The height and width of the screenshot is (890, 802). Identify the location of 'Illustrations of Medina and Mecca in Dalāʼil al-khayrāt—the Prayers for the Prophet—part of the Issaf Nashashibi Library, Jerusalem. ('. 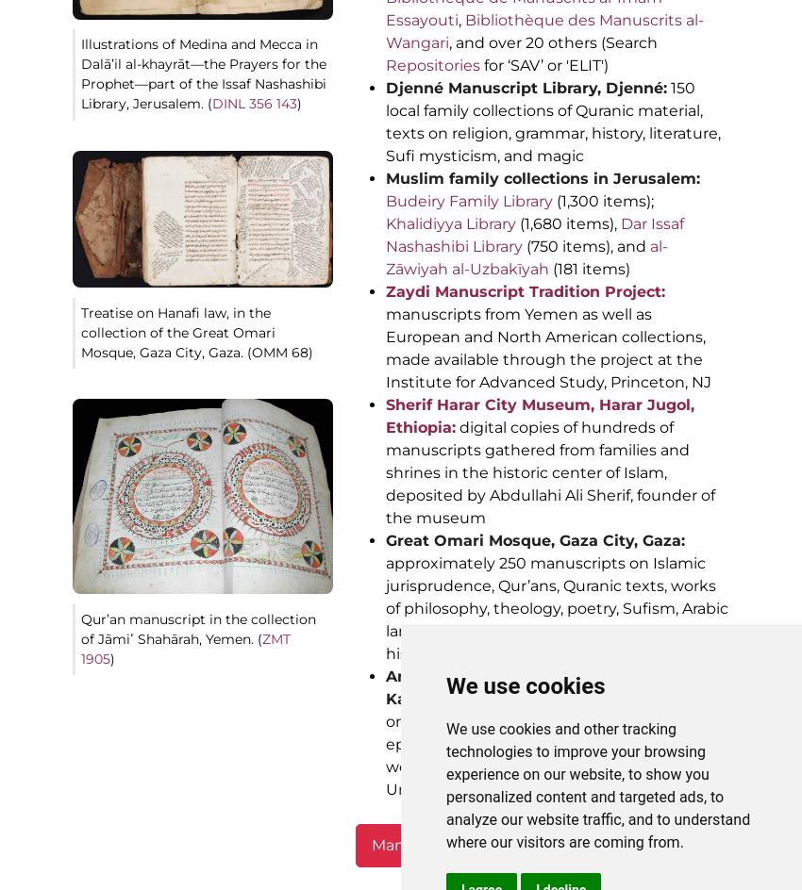
(80, 73).